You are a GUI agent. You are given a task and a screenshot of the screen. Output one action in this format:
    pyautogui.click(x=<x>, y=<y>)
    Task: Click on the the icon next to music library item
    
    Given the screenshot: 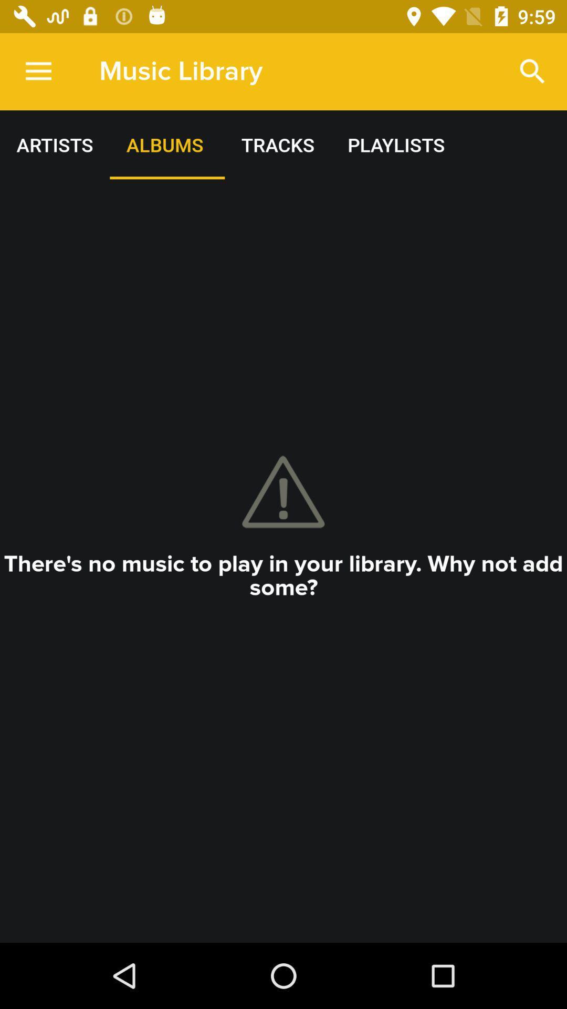 What is the action you would take?
    pyautogui.click(x=38, y=71)
    